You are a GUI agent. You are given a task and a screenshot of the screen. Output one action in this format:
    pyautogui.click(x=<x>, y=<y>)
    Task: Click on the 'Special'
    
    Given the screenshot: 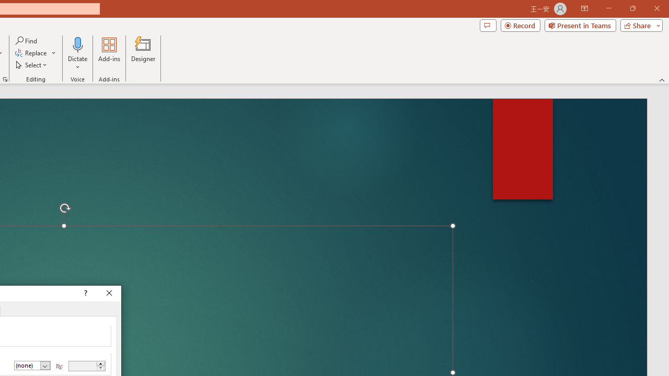 What is the action you would take?
    pyautogui.click(x=32, y=365)
    